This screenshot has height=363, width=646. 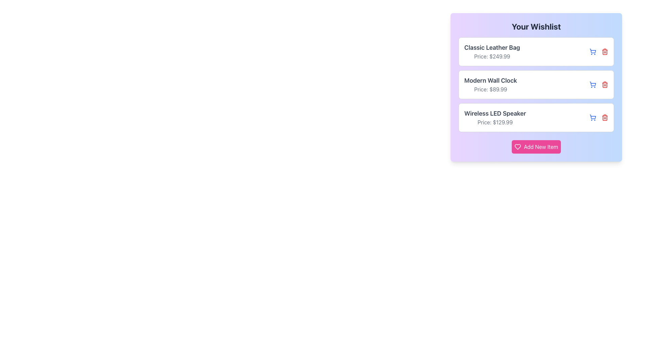 I want to click on title of the product 'Classic Leather Bag' displayed in the Text Label located at the top of the first item in the 'Your Wishlist' section, so click(x=492, y=47).